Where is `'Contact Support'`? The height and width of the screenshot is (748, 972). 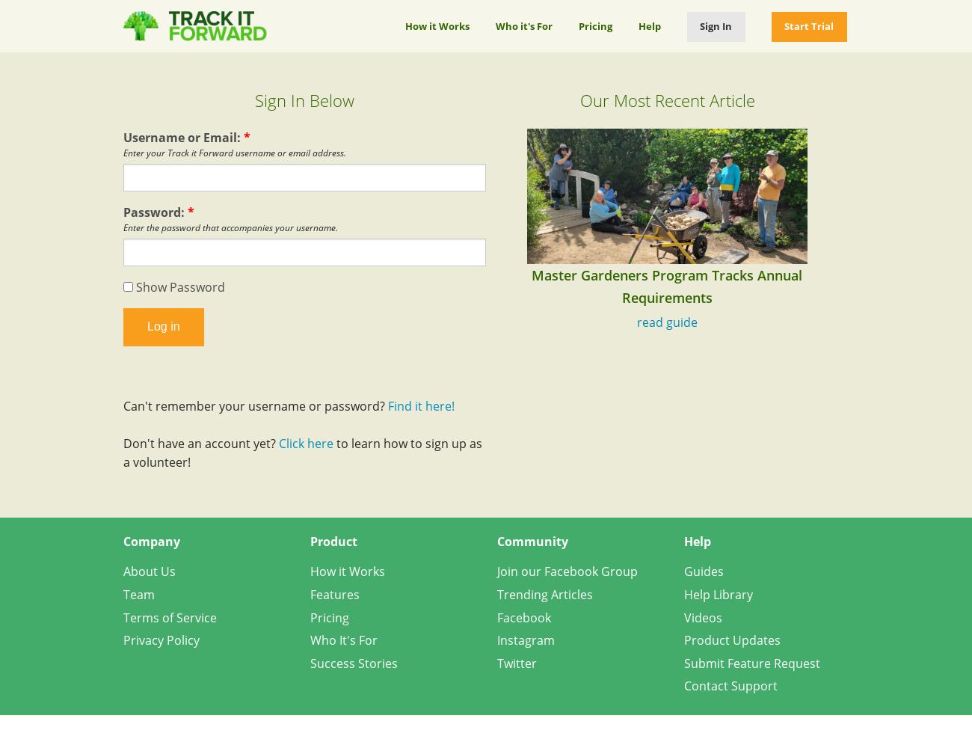 'Contact Support' is located at coordinates (730, 686).